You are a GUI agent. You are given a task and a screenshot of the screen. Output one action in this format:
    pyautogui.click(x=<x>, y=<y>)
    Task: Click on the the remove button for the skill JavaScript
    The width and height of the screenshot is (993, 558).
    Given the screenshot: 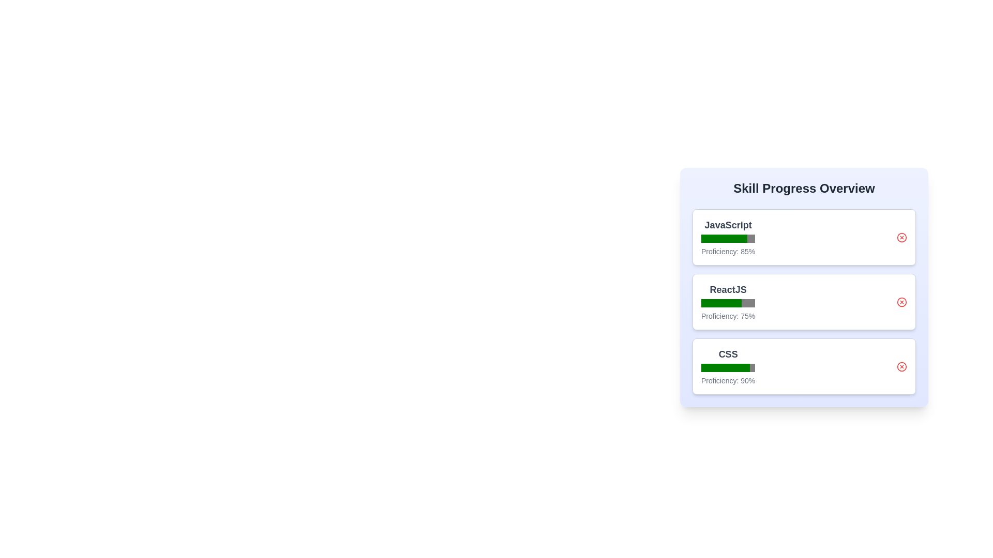 What is the action you would take?
    pyautogui.click(x=901, y=237)
    